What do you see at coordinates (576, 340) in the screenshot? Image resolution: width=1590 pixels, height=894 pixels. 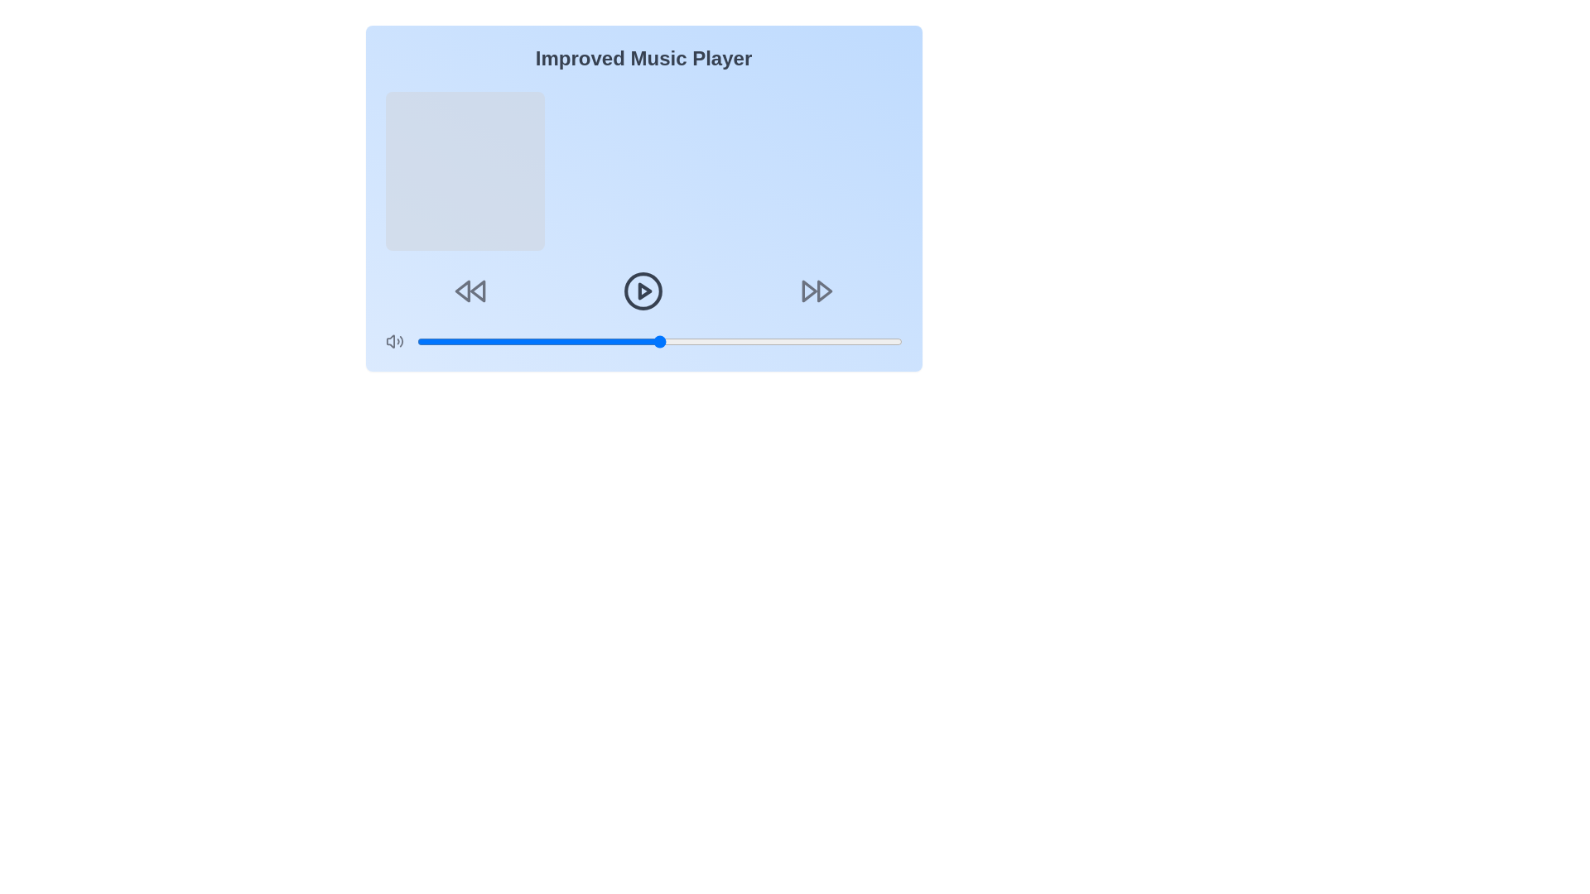 I see `the volume` at bounding box center [576, 340].